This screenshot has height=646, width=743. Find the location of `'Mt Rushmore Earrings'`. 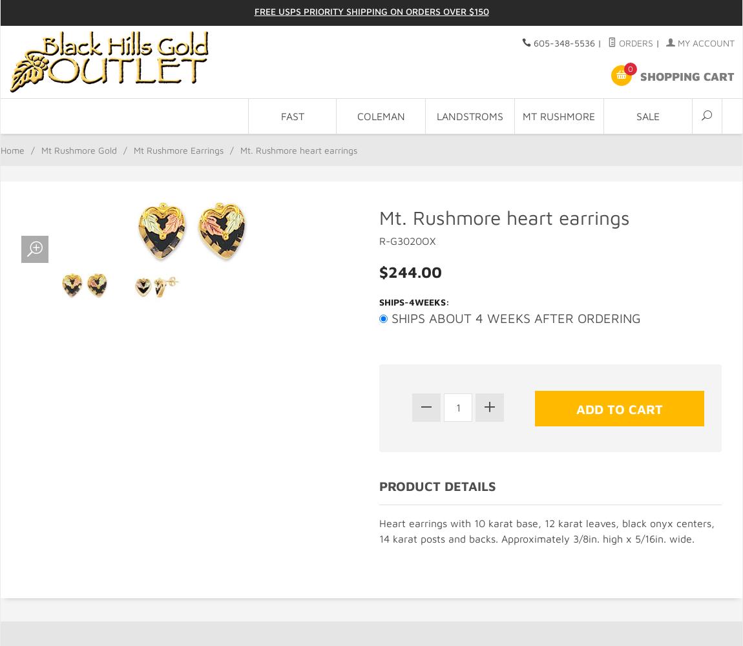

'Mt Rushmore Earrings' is located at coordinates (178, 149).